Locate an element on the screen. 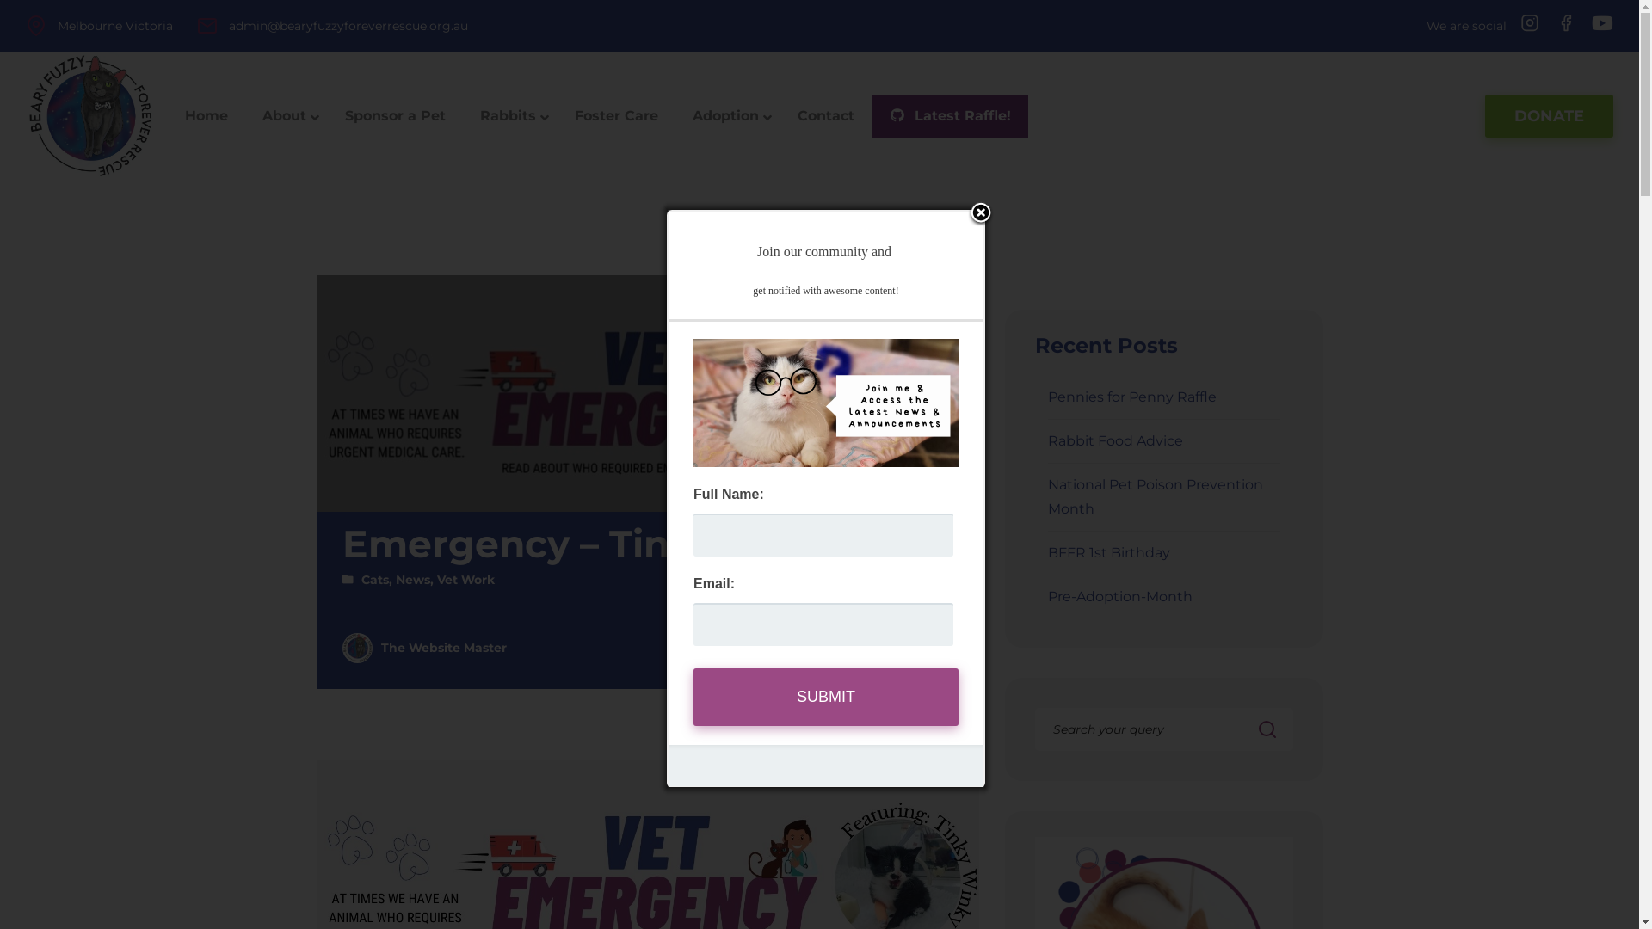  'DONATE' is located at coordinates (1484, 116).